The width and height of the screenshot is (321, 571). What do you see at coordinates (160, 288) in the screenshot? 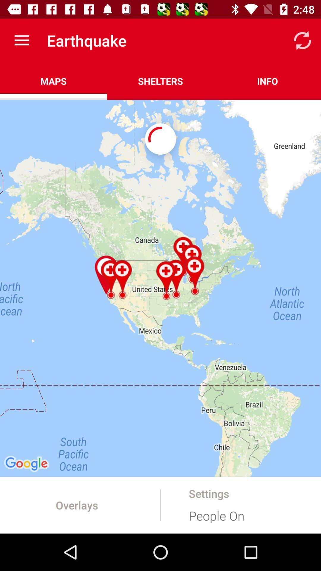
I see `item above the overlays icon` at bounding box center [160, 288].